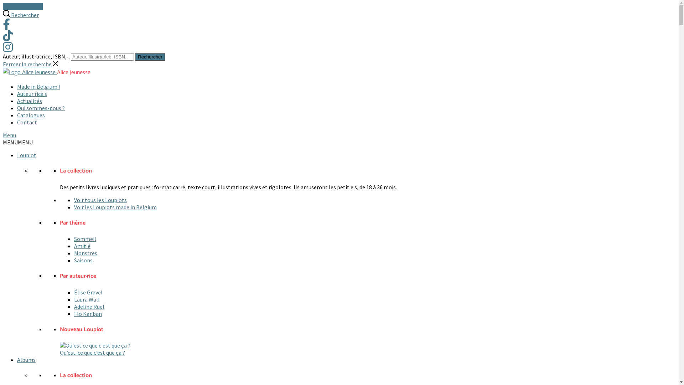  I want to click on 'Voir les Loupiots made in Belgium', so click(115, 207).